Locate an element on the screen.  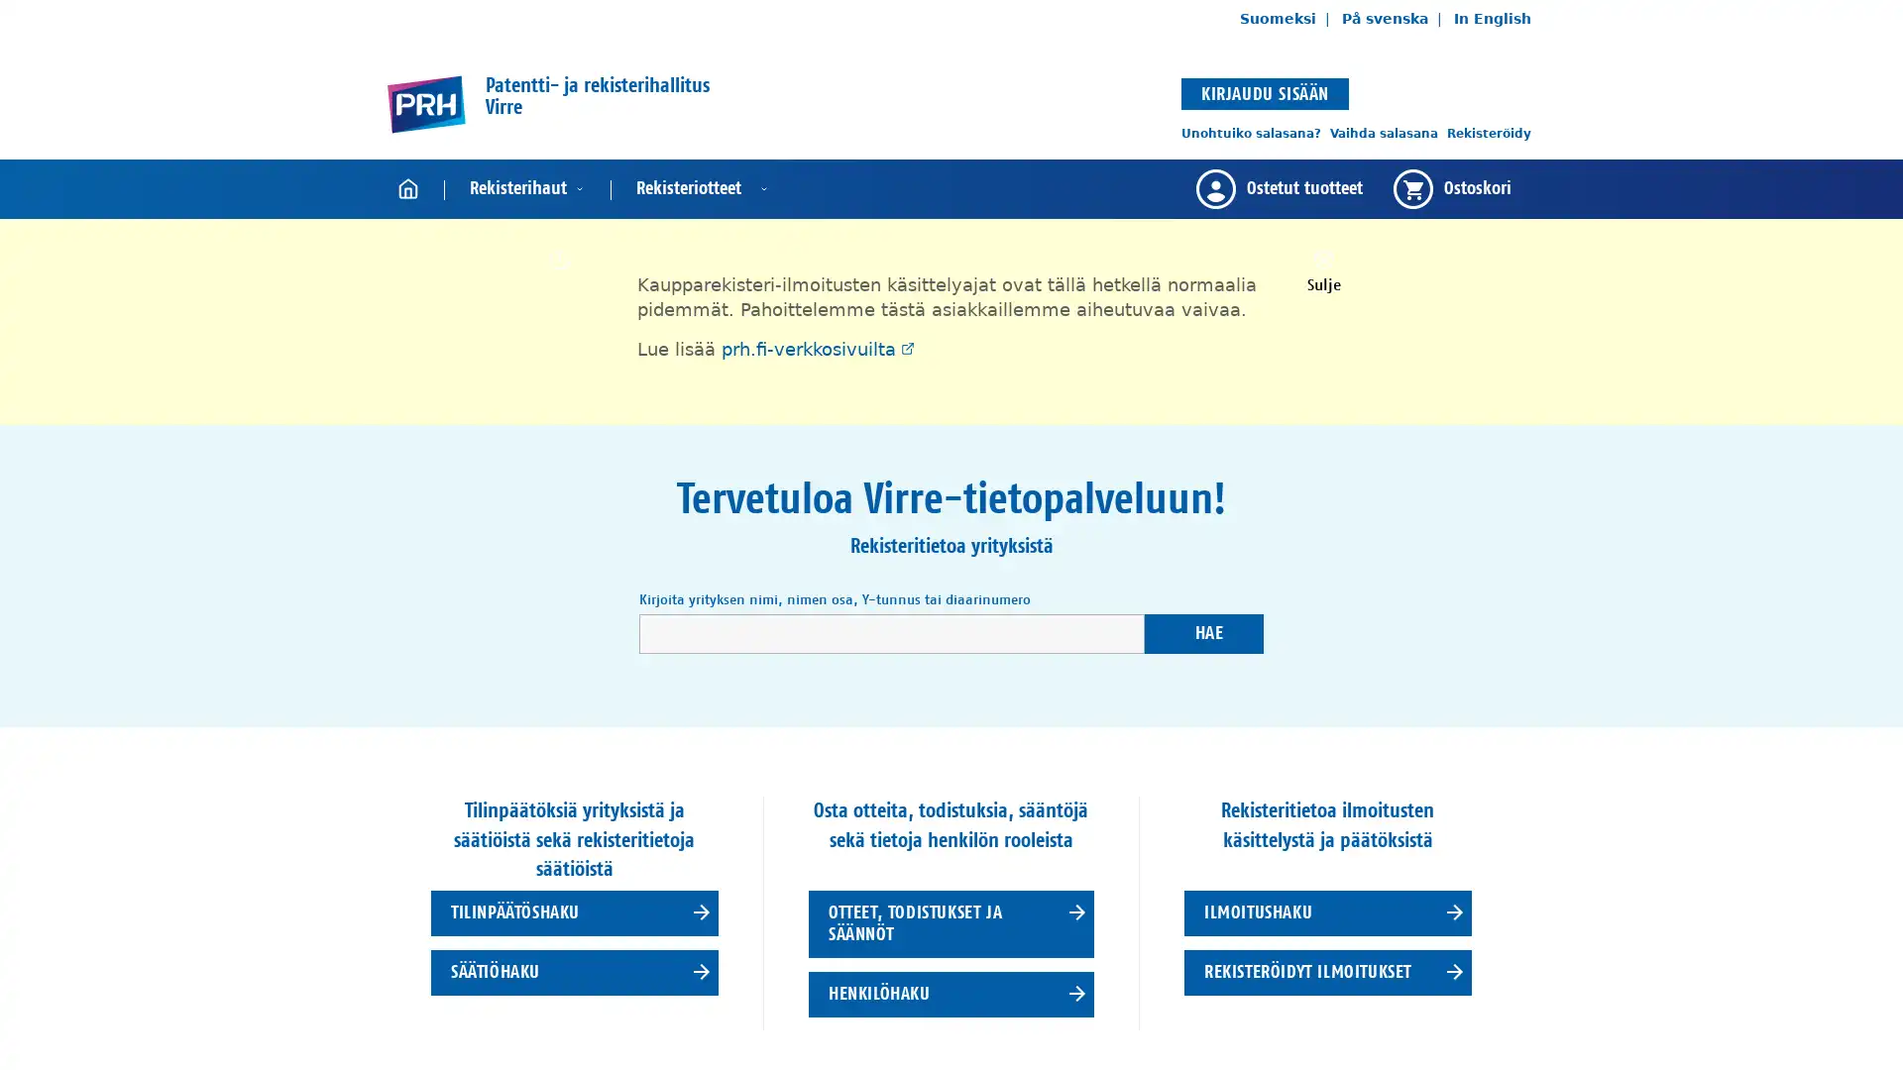
Close is located at coordinates (1322, 269).